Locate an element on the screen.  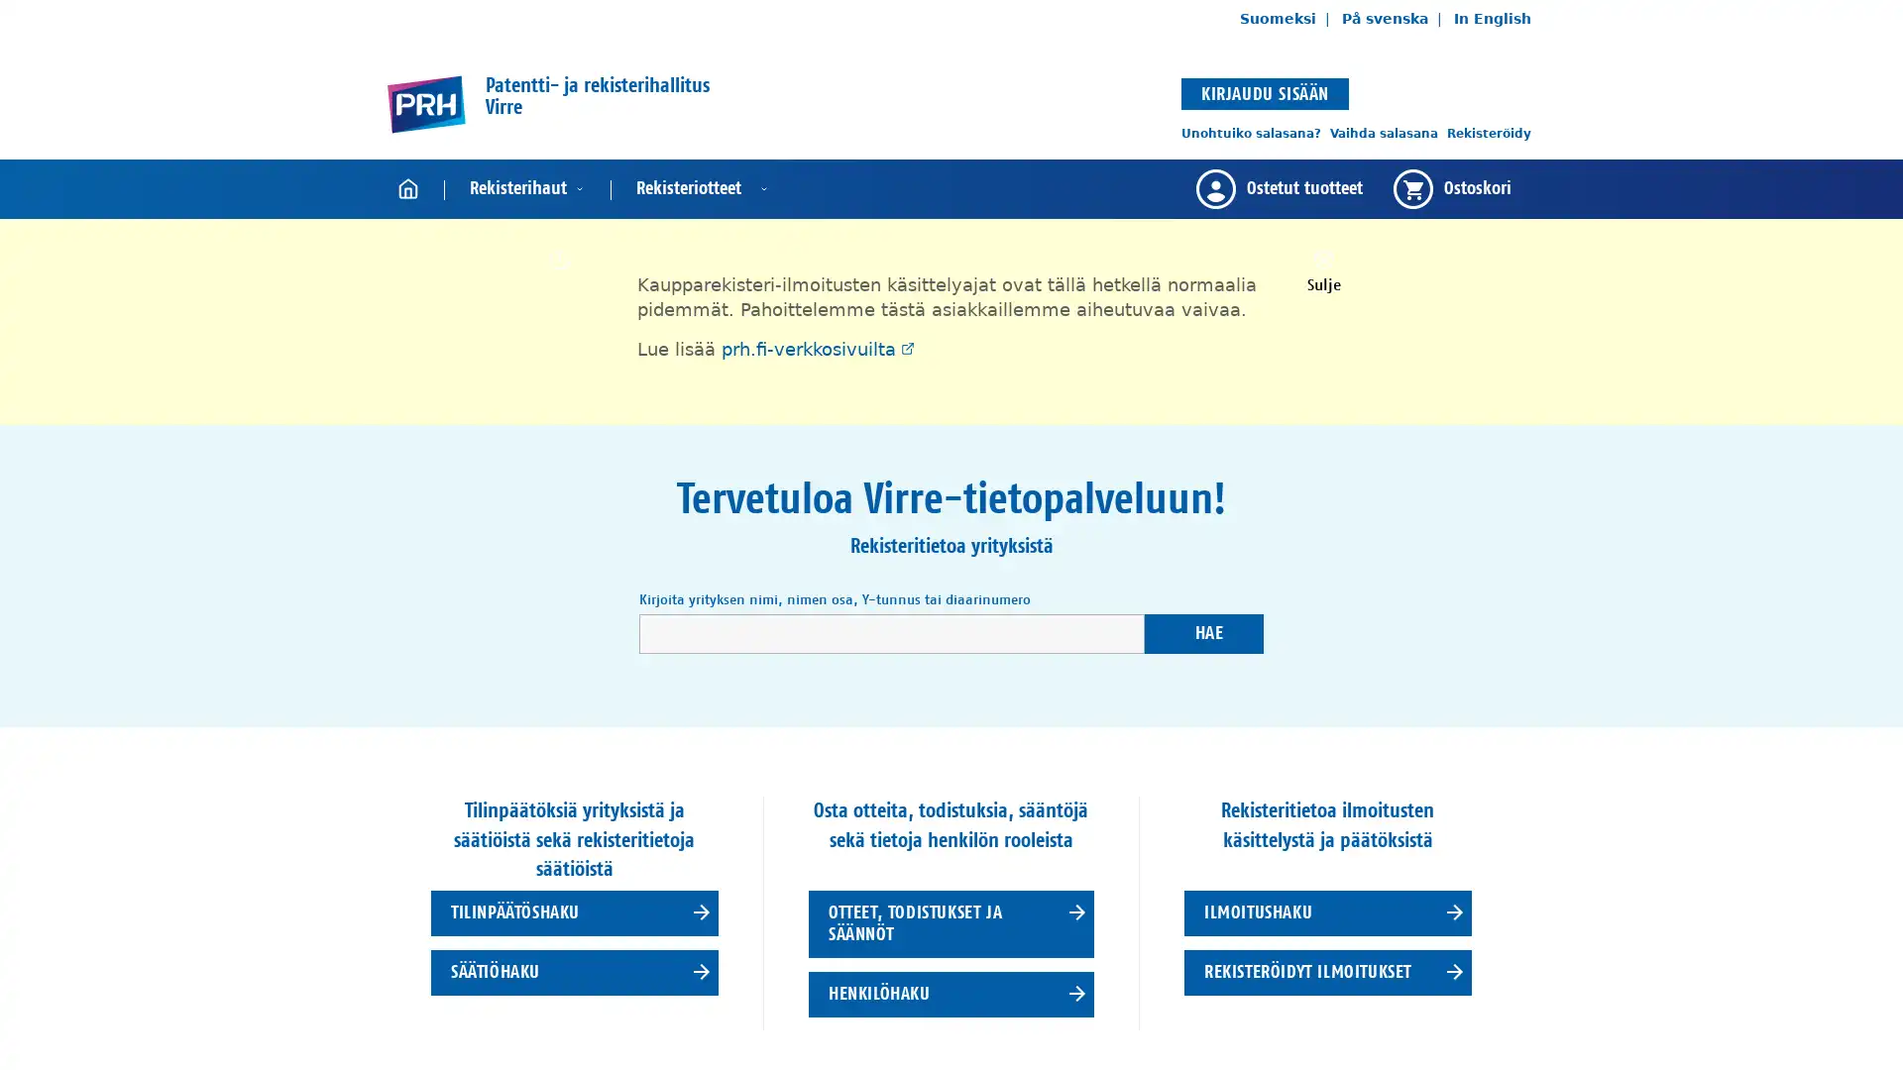
Close is located at coordinates (1322, 269).